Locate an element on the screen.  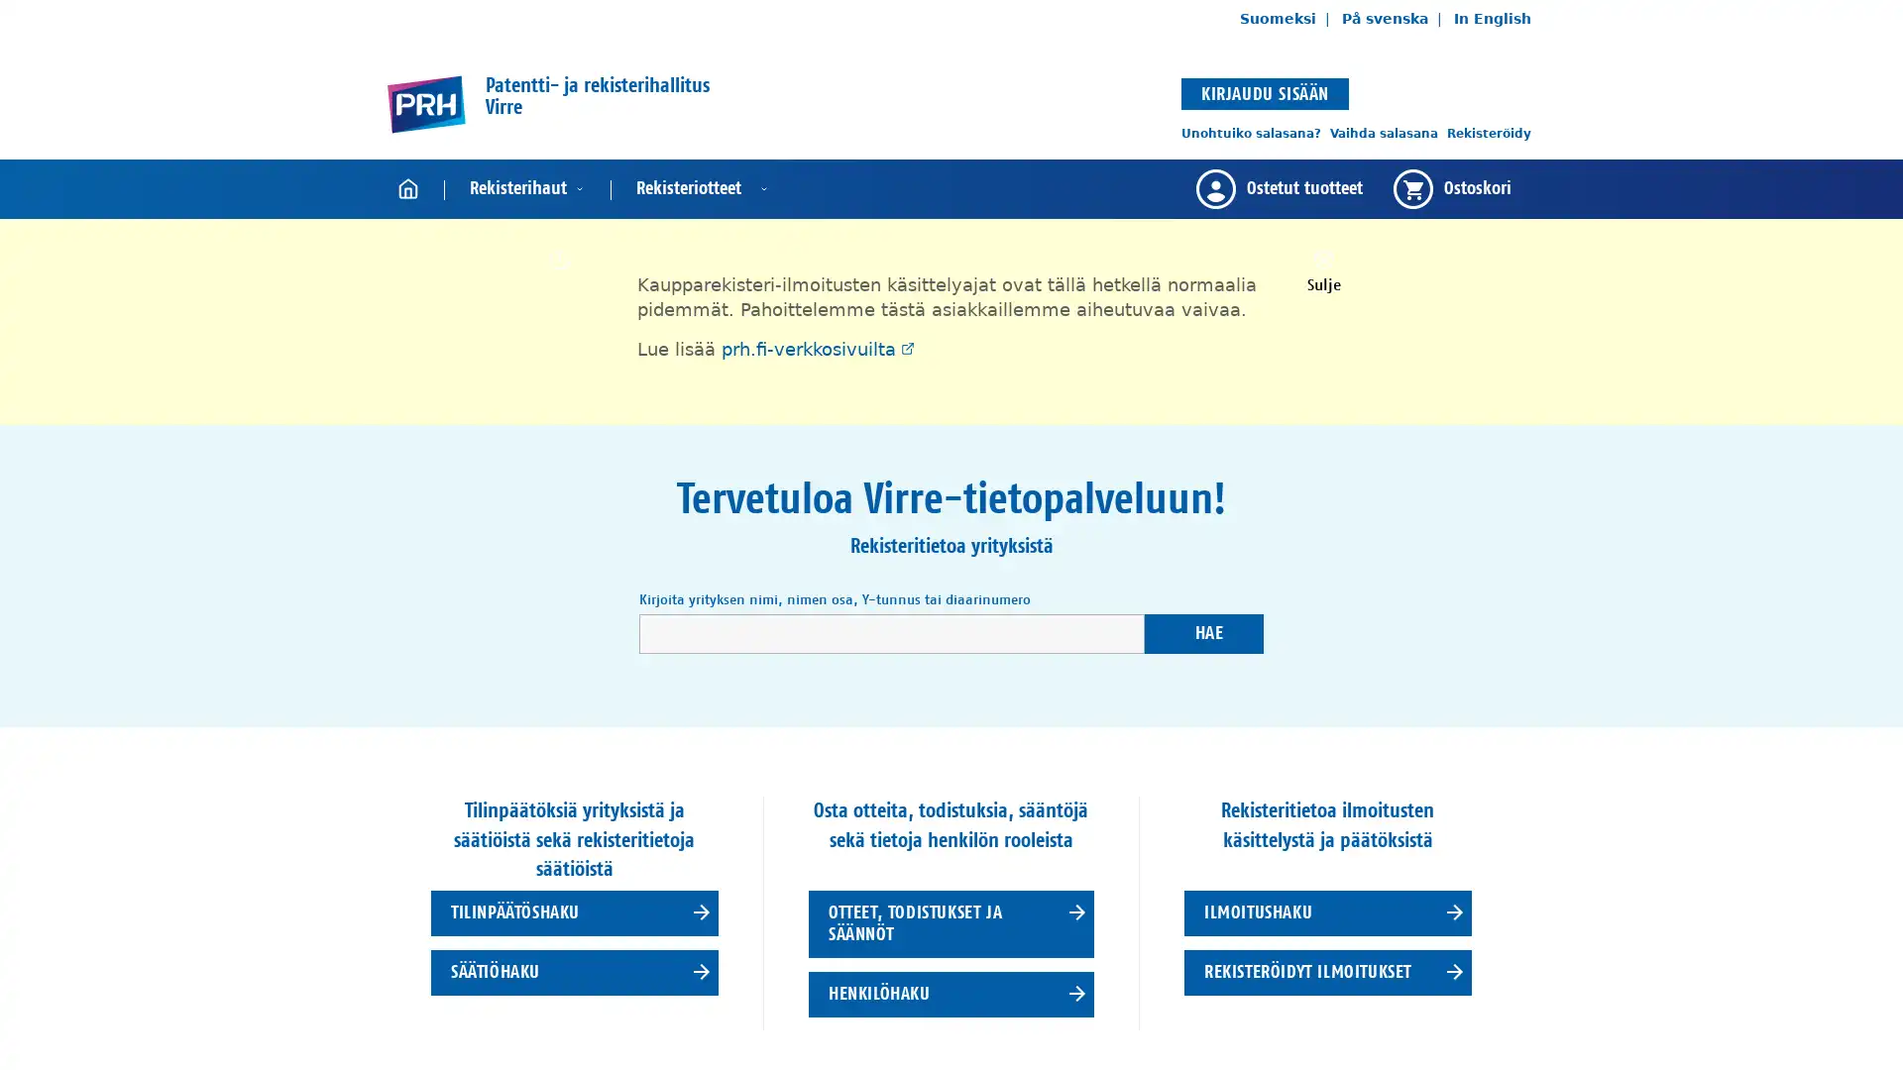
Close is located at coordinates (1322, 269).